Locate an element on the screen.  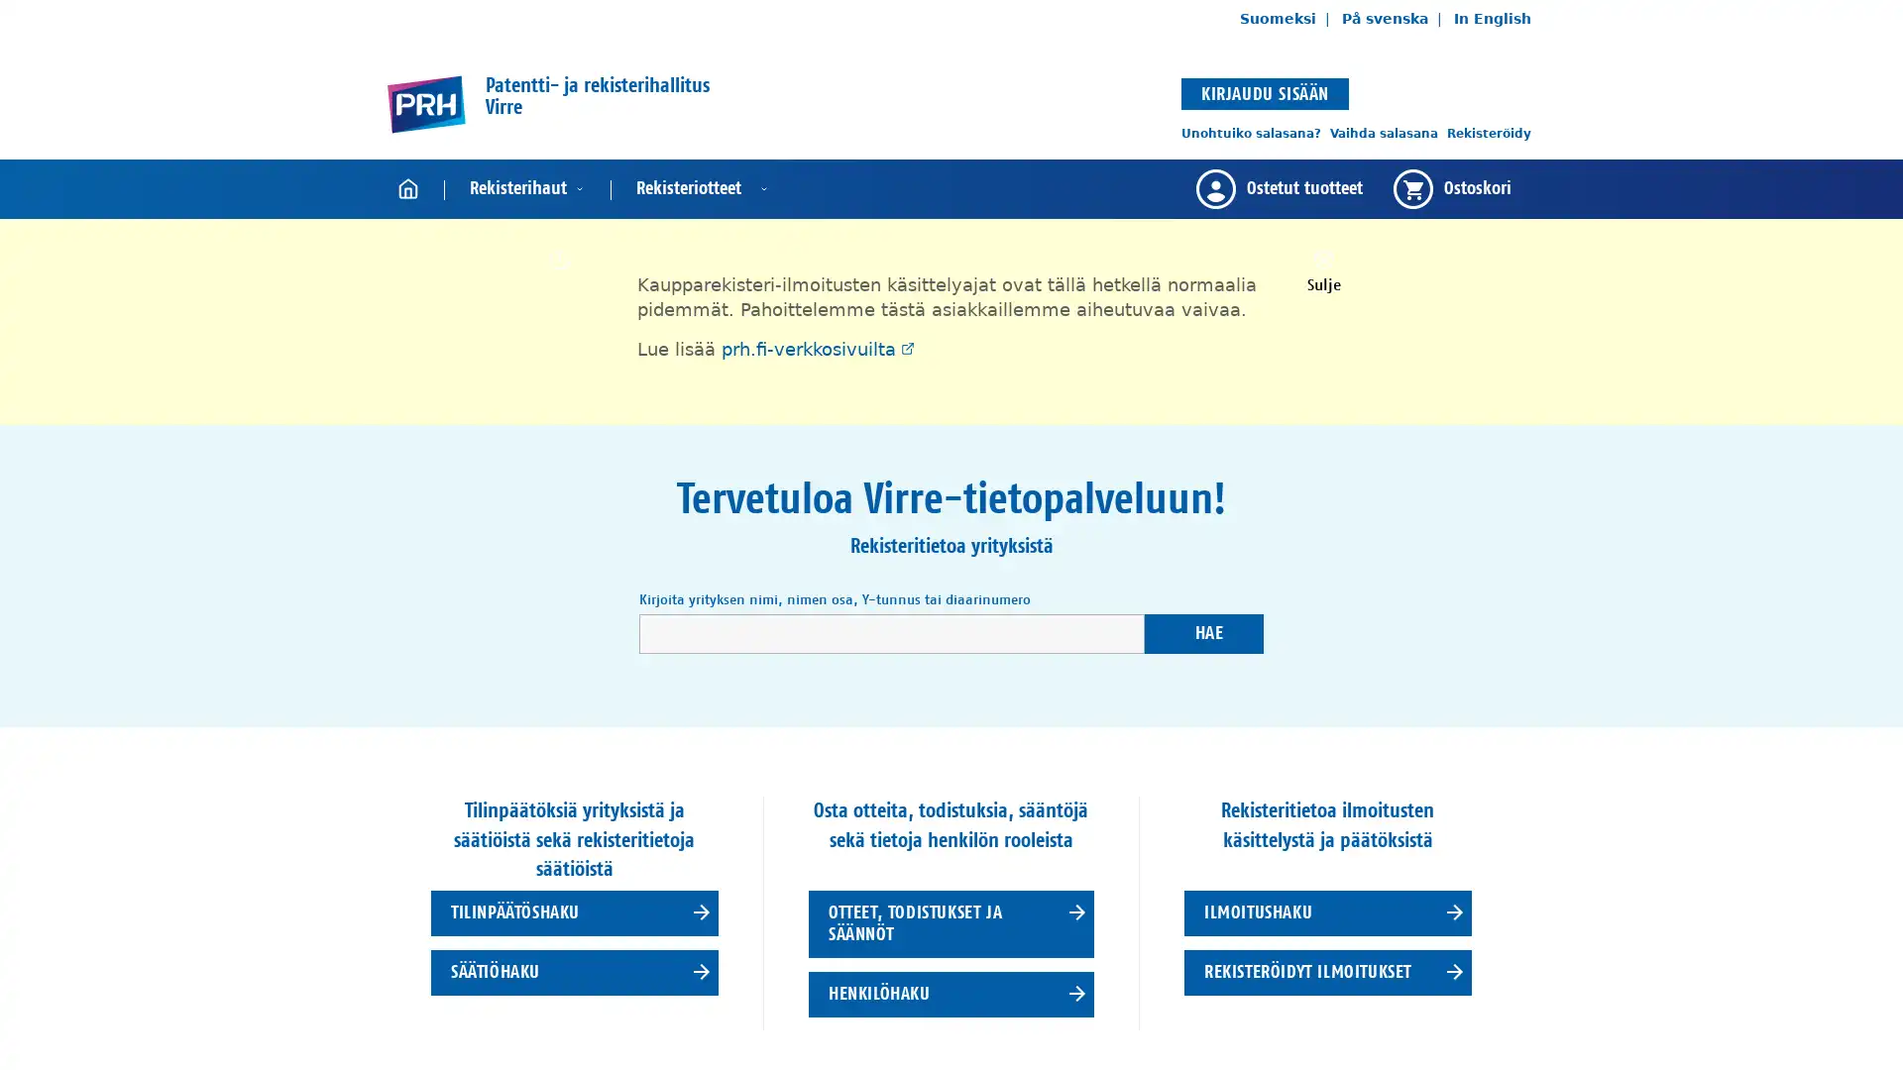
Close is located at coordinates (1322, 269).